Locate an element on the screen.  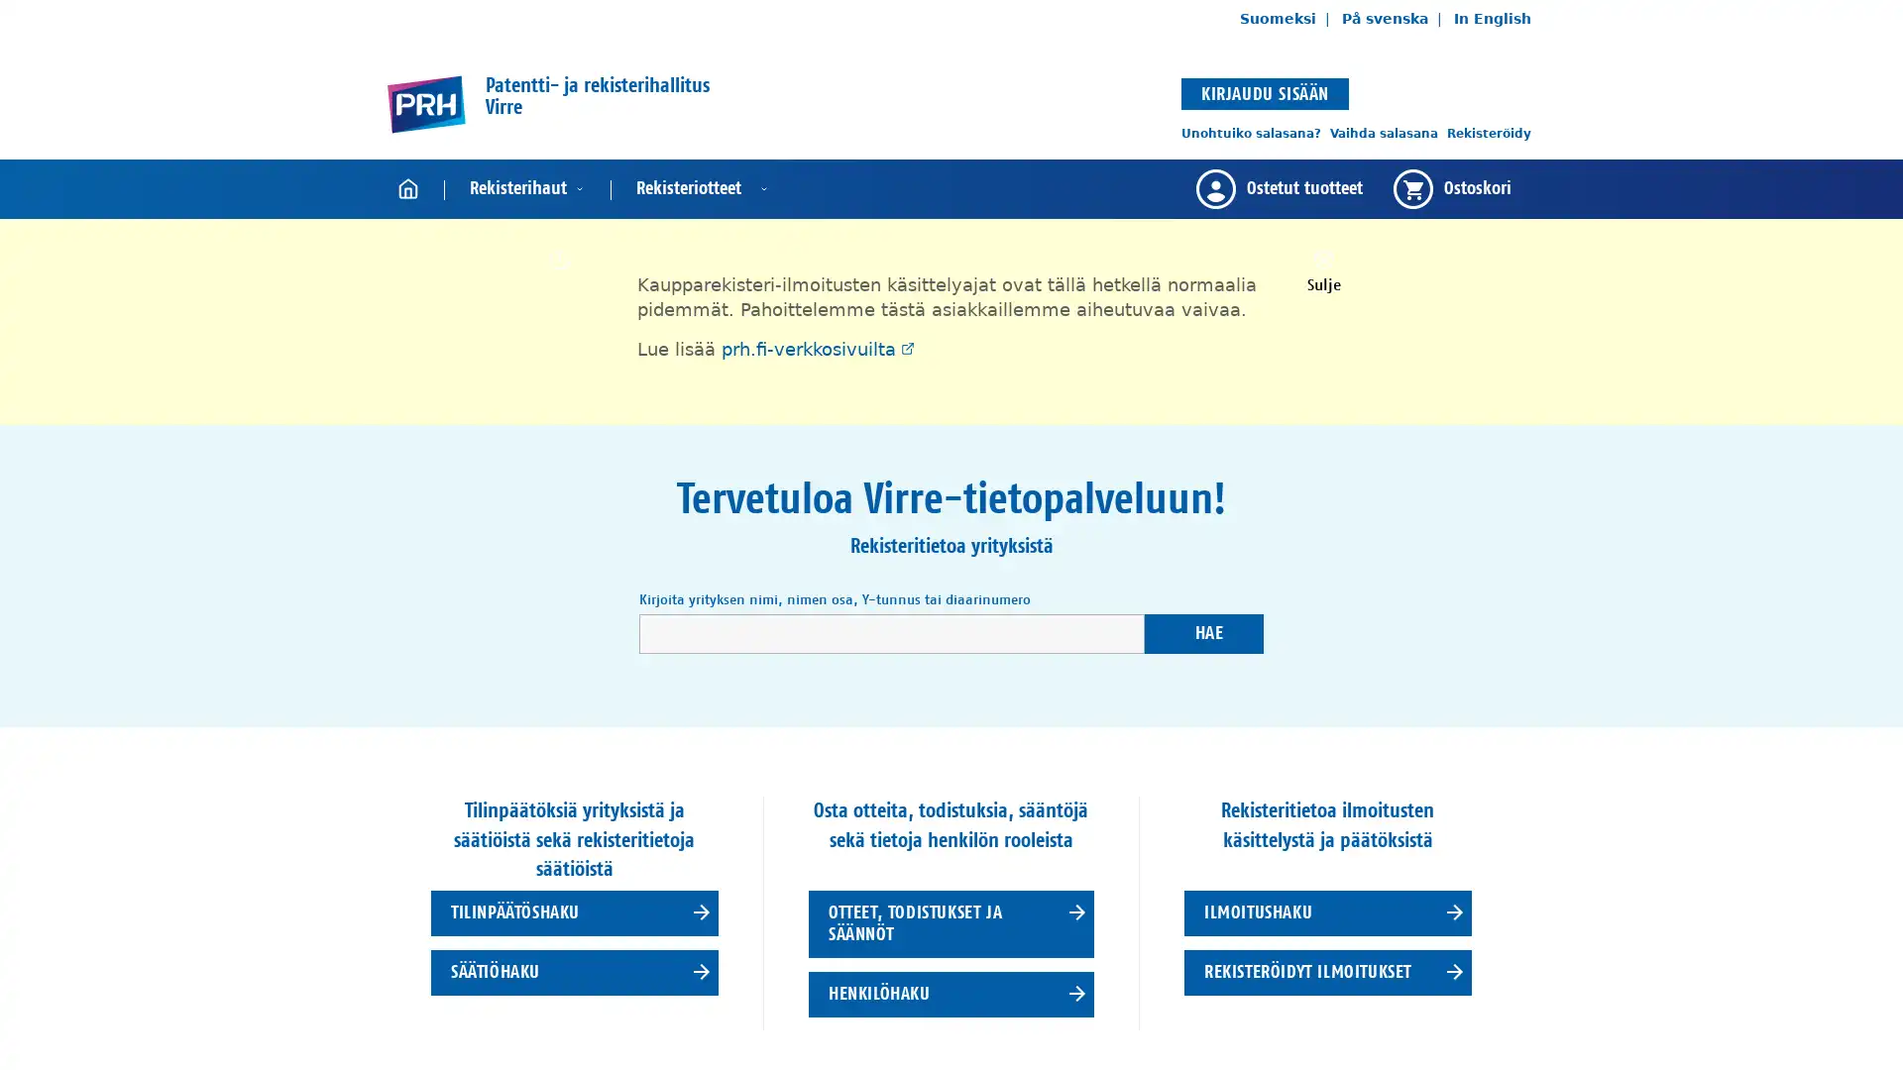
Close is located at coordinates (1322, 269).